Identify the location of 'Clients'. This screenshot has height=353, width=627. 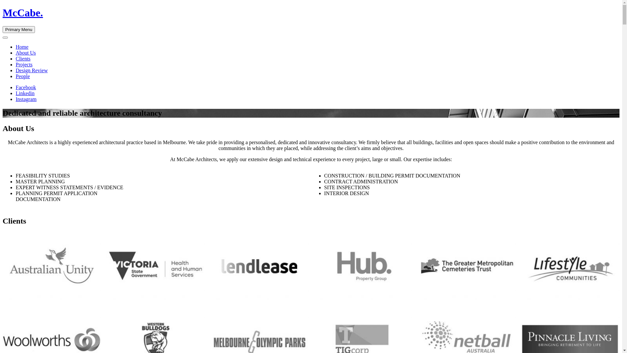
(23, 58).